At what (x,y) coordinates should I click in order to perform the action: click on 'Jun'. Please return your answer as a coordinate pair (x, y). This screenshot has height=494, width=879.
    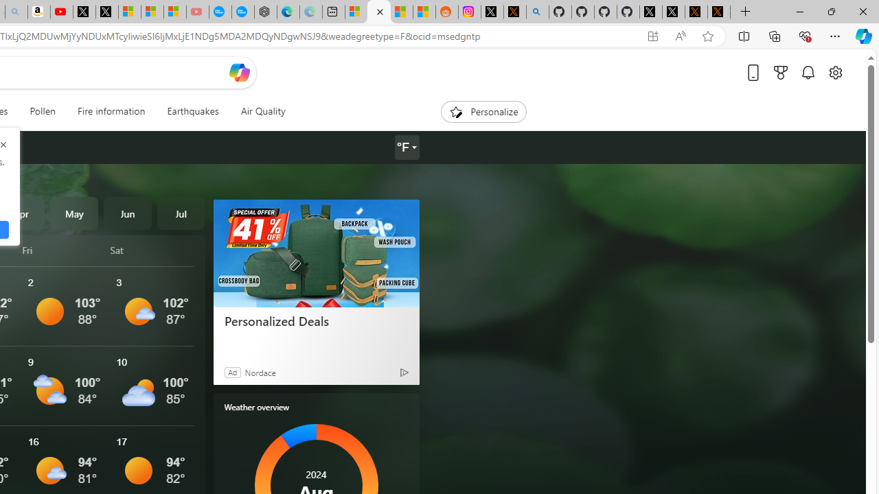
    Looking at the image, I should click on (128, 213).